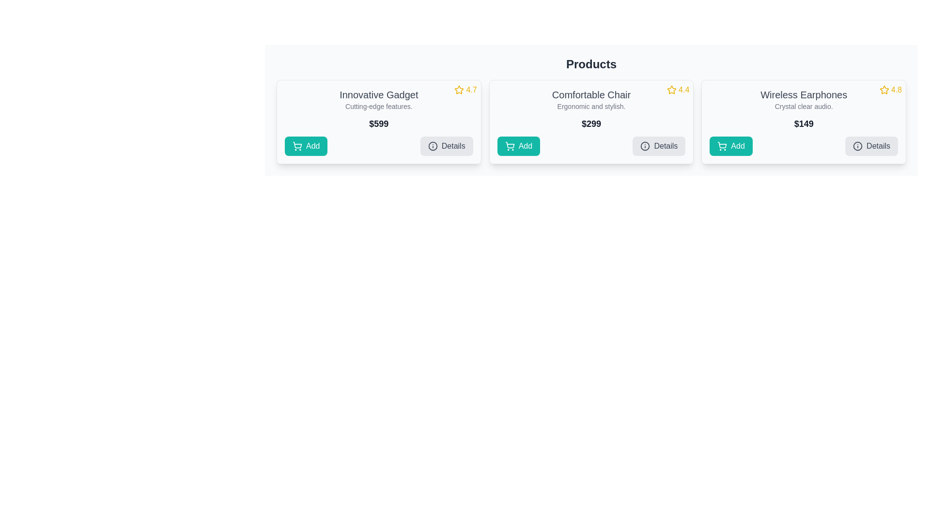  What do you see at coordinates (465, 90) in the screenshot?
I see `rating displayed, which is represented by a yellow star icon followed by the text '4.7' in a sans-serif font, located in the top-right corner of the product card` at bounding box center [465, 90].